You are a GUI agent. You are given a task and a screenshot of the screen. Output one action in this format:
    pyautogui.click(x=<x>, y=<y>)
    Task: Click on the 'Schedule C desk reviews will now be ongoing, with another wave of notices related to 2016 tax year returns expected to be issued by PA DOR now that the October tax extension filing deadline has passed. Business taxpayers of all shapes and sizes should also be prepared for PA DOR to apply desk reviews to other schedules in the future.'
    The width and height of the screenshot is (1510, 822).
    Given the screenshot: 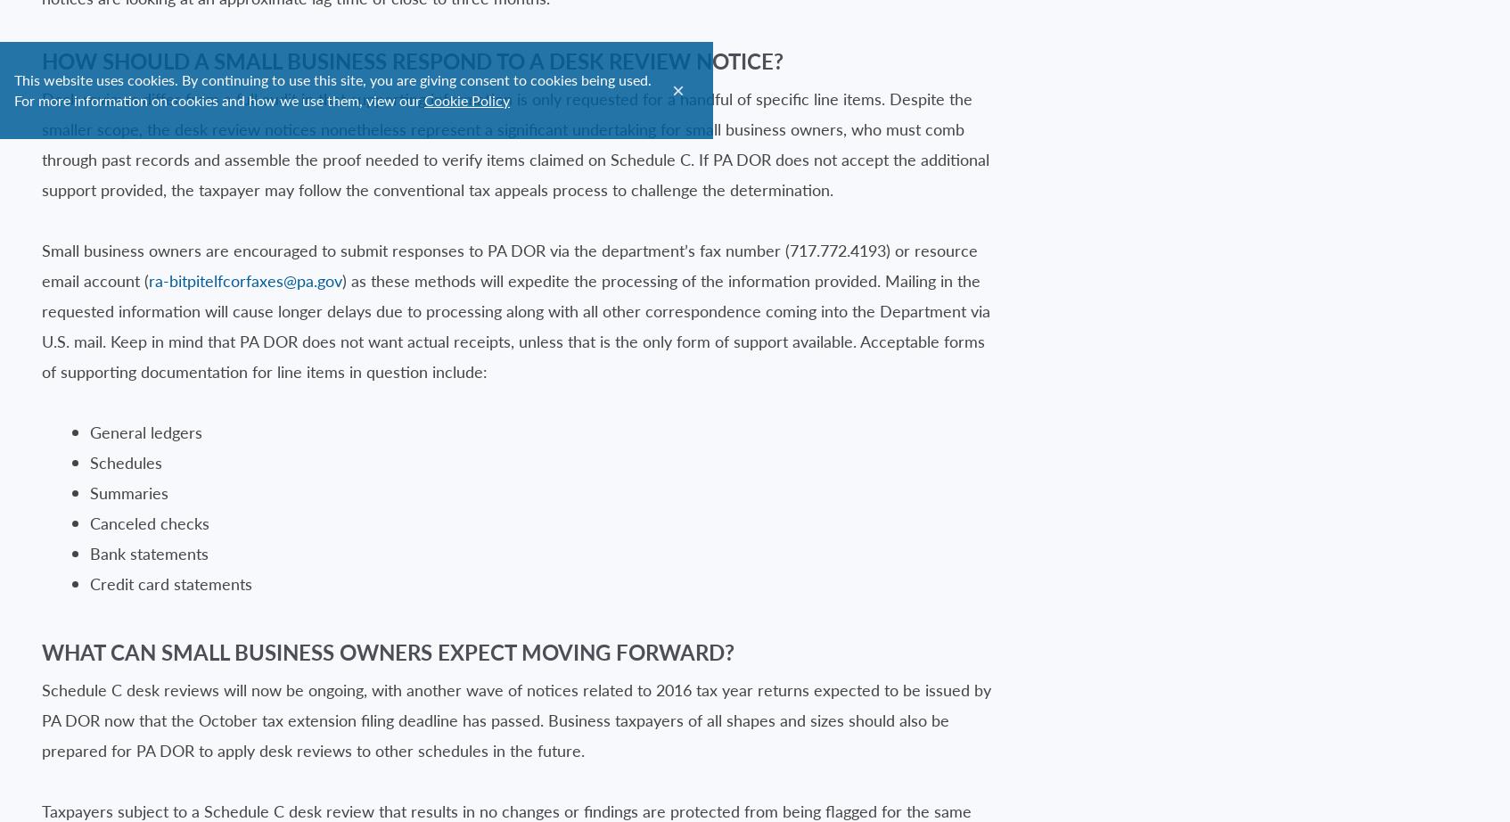 What is the action you would take?
    pyautogui.click(x=516, y=718)
    